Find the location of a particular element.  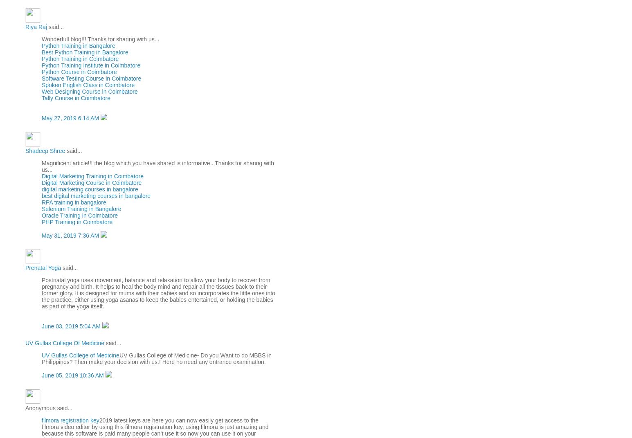

'Web Designing Course in Coimbatore' is located at coordinates (89, 90).